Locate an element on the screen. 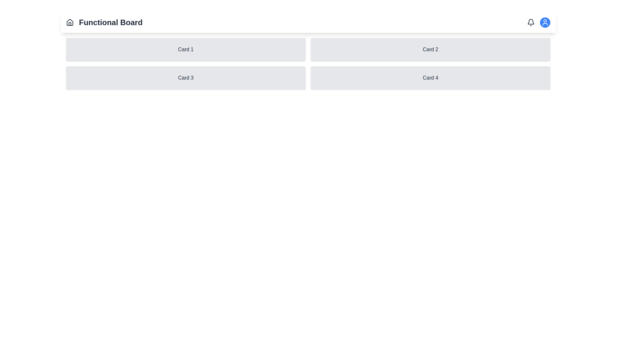  text content of the card located in the second column of the second row, which reads 'Card 4' is located at coordinates (430, 78).